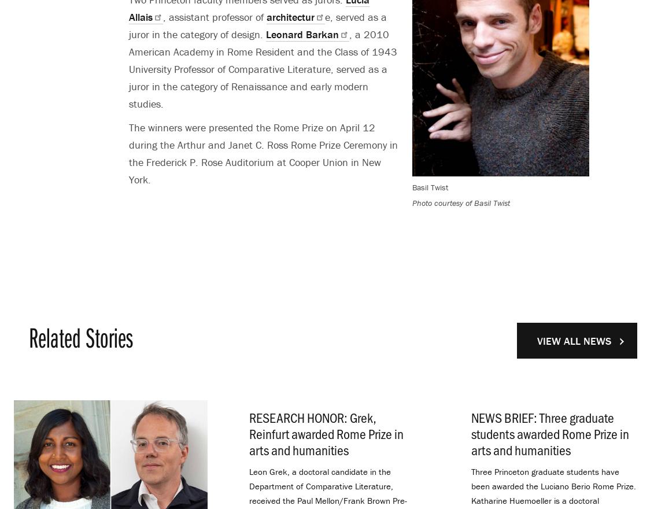  I want to click on 'Basil Twist', so click(411, 187).